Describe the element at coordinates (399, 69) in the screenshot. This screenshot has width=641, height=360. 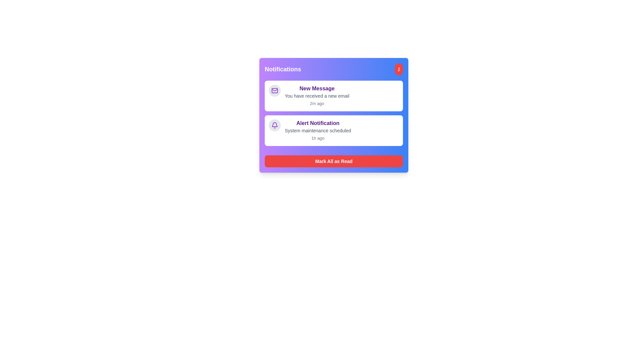
I see `the badge indicating the count of unread notifications, positioned at the top right corner of the notifications header` at that location.